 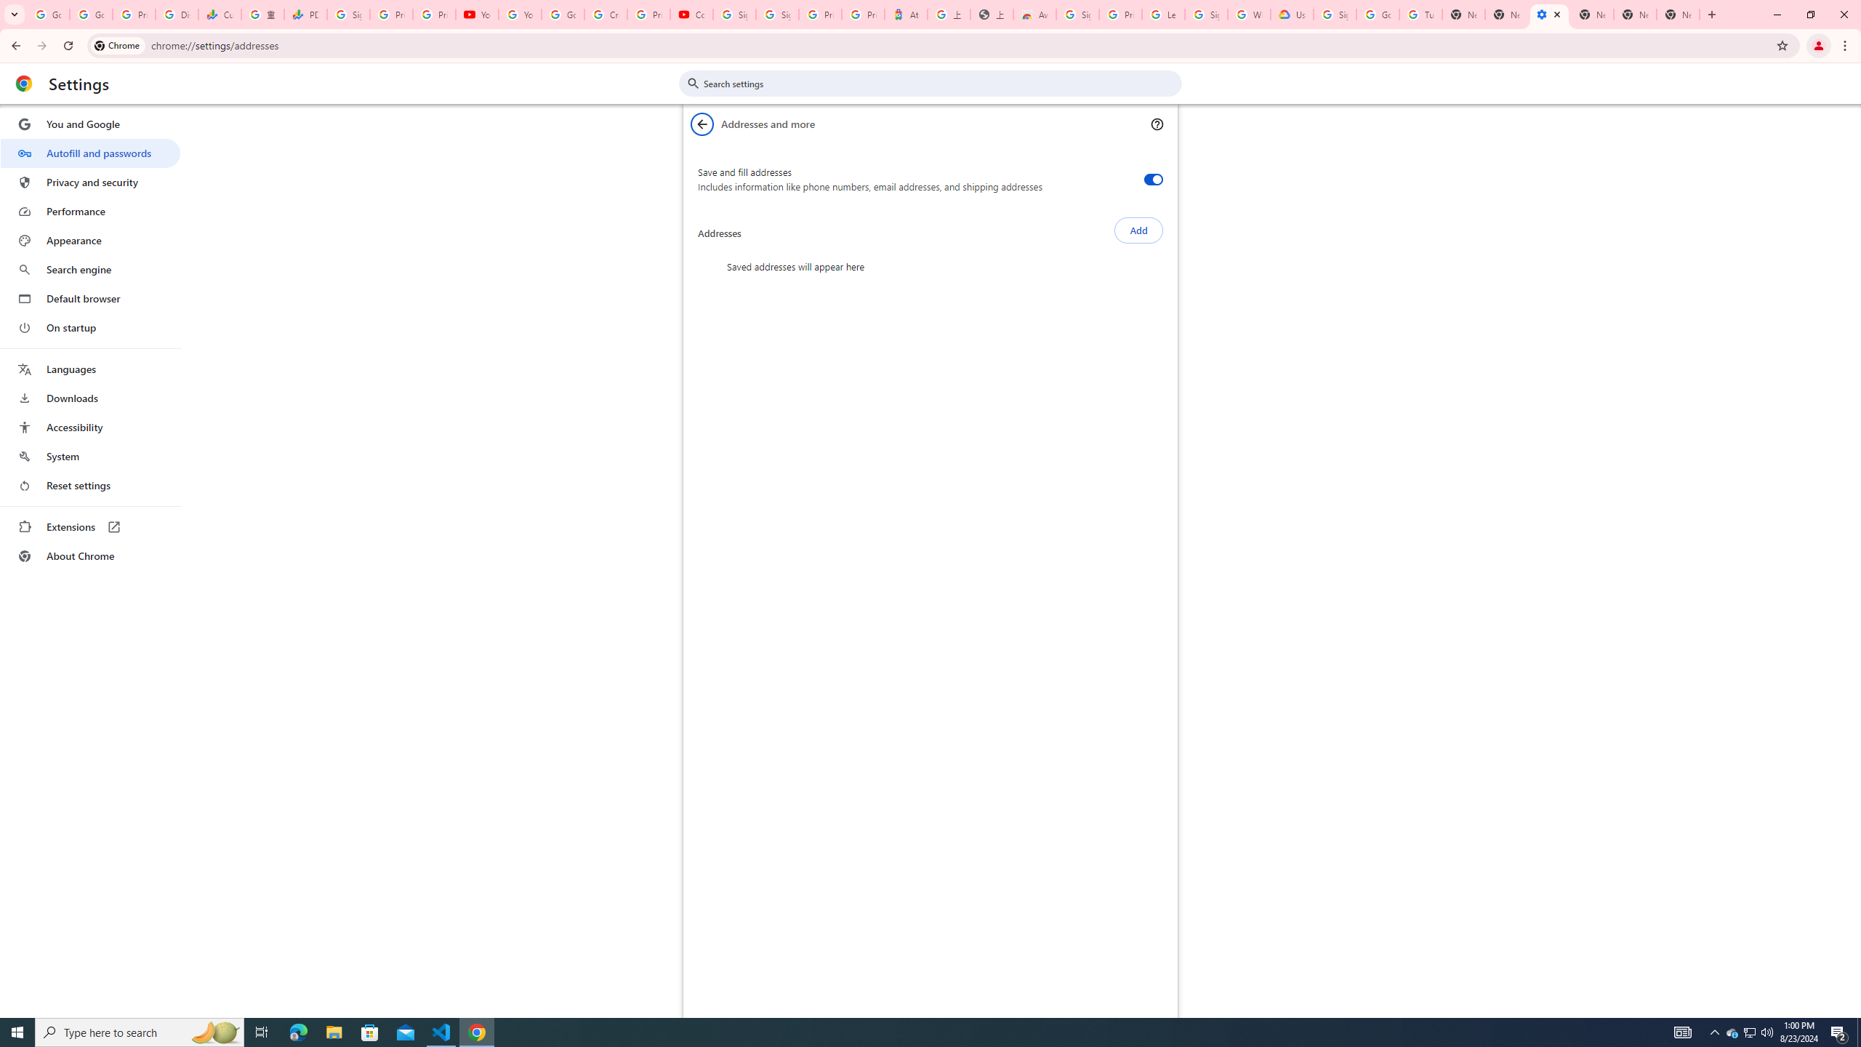 I want to click on 'Sign in - Google Accounts', so click(x=1205, y=14).